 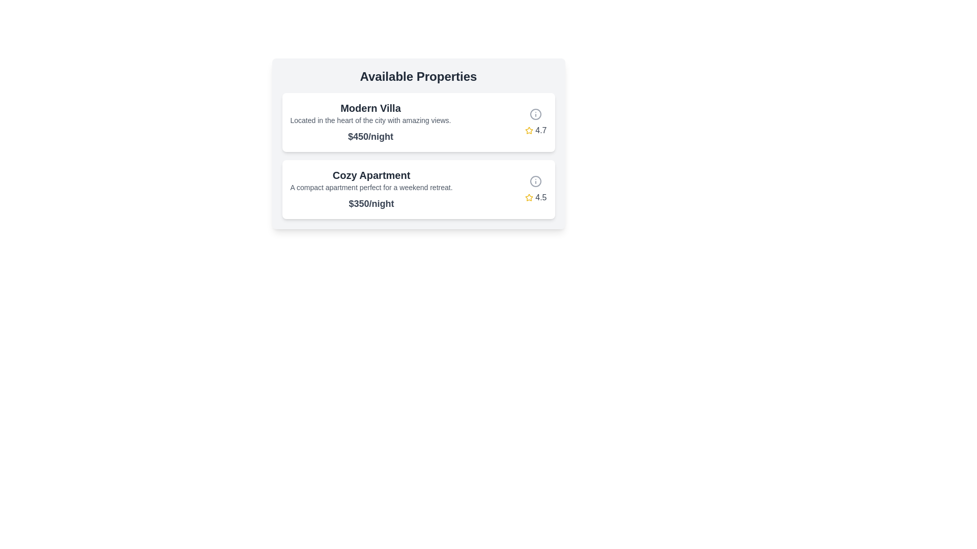 I want to click on the rating icon representing the quality or user satisfaction level of the 'Modern Villa' property, which is positioned immediately to the left of the numerical rating '4.7', so click(x=529, y=130).